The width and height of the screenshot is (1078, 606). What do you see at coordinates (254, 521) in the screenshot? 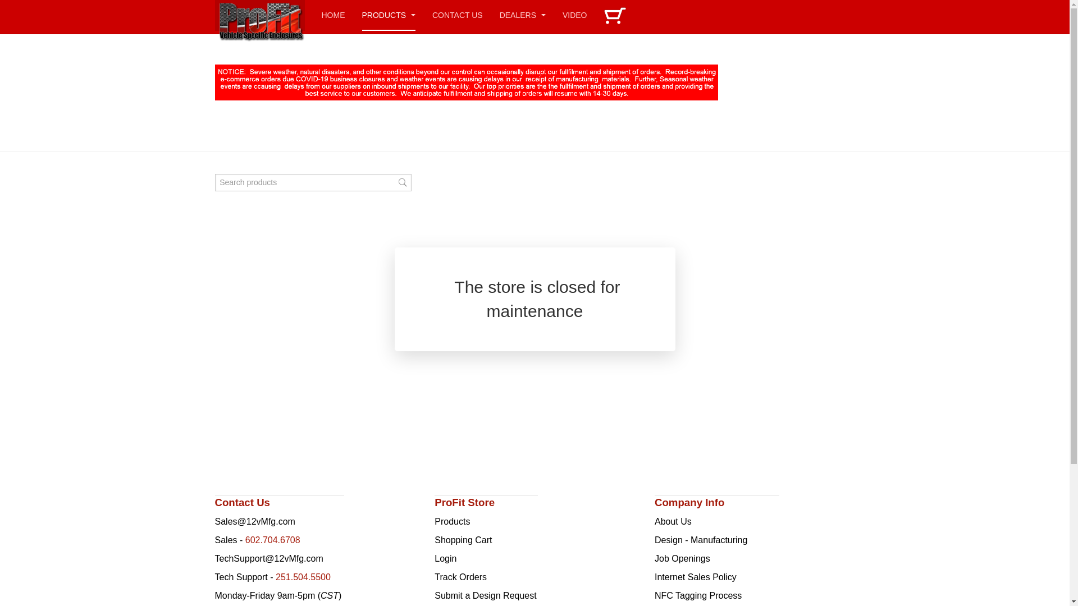
I see `'Sales@12vMfg.com'` at bounding box center [254, 521].